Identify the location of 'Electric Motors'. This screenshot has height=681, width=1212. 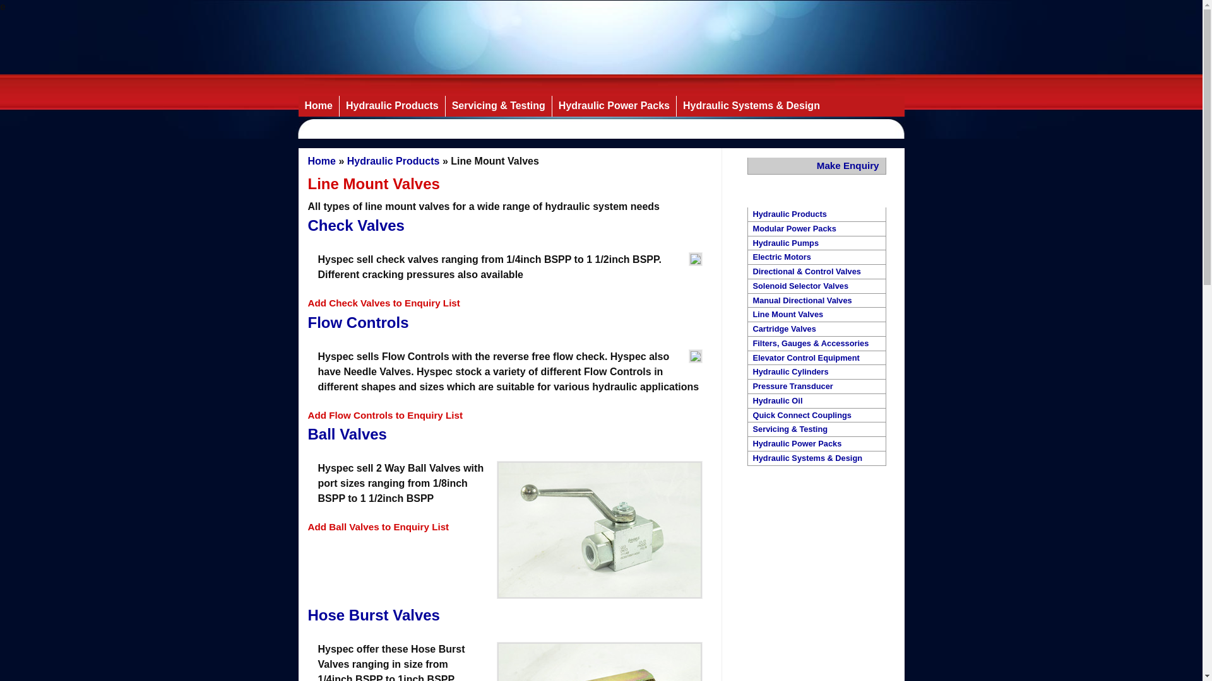
(816, 257).